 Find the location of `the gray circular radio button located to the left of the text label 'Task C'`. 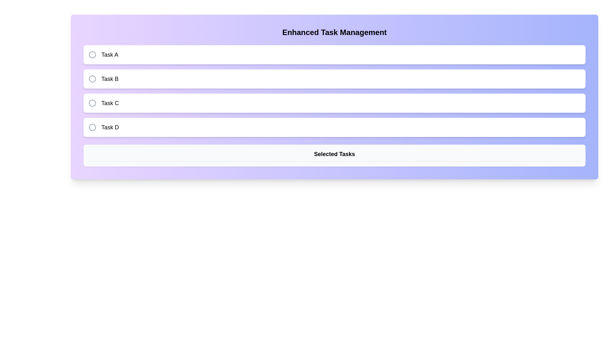

the gray circular radio button located to the left of the text label 'Task C' is located at coordinates (92, 103).